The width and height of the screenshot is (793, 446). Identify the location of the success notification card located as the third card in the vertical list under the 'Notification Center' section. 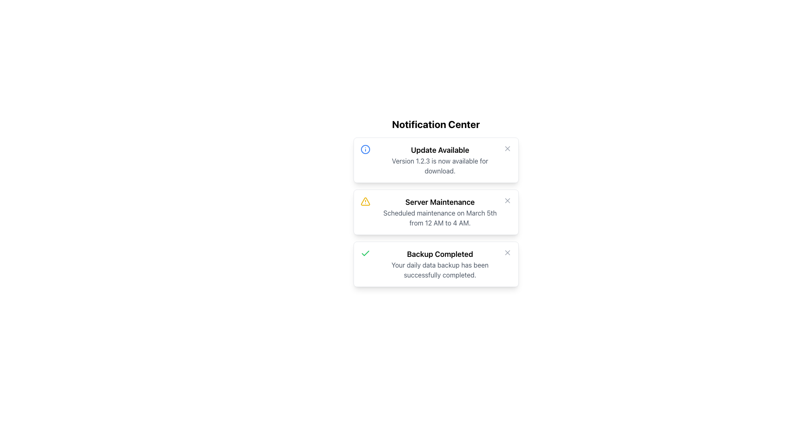
(435, 264).